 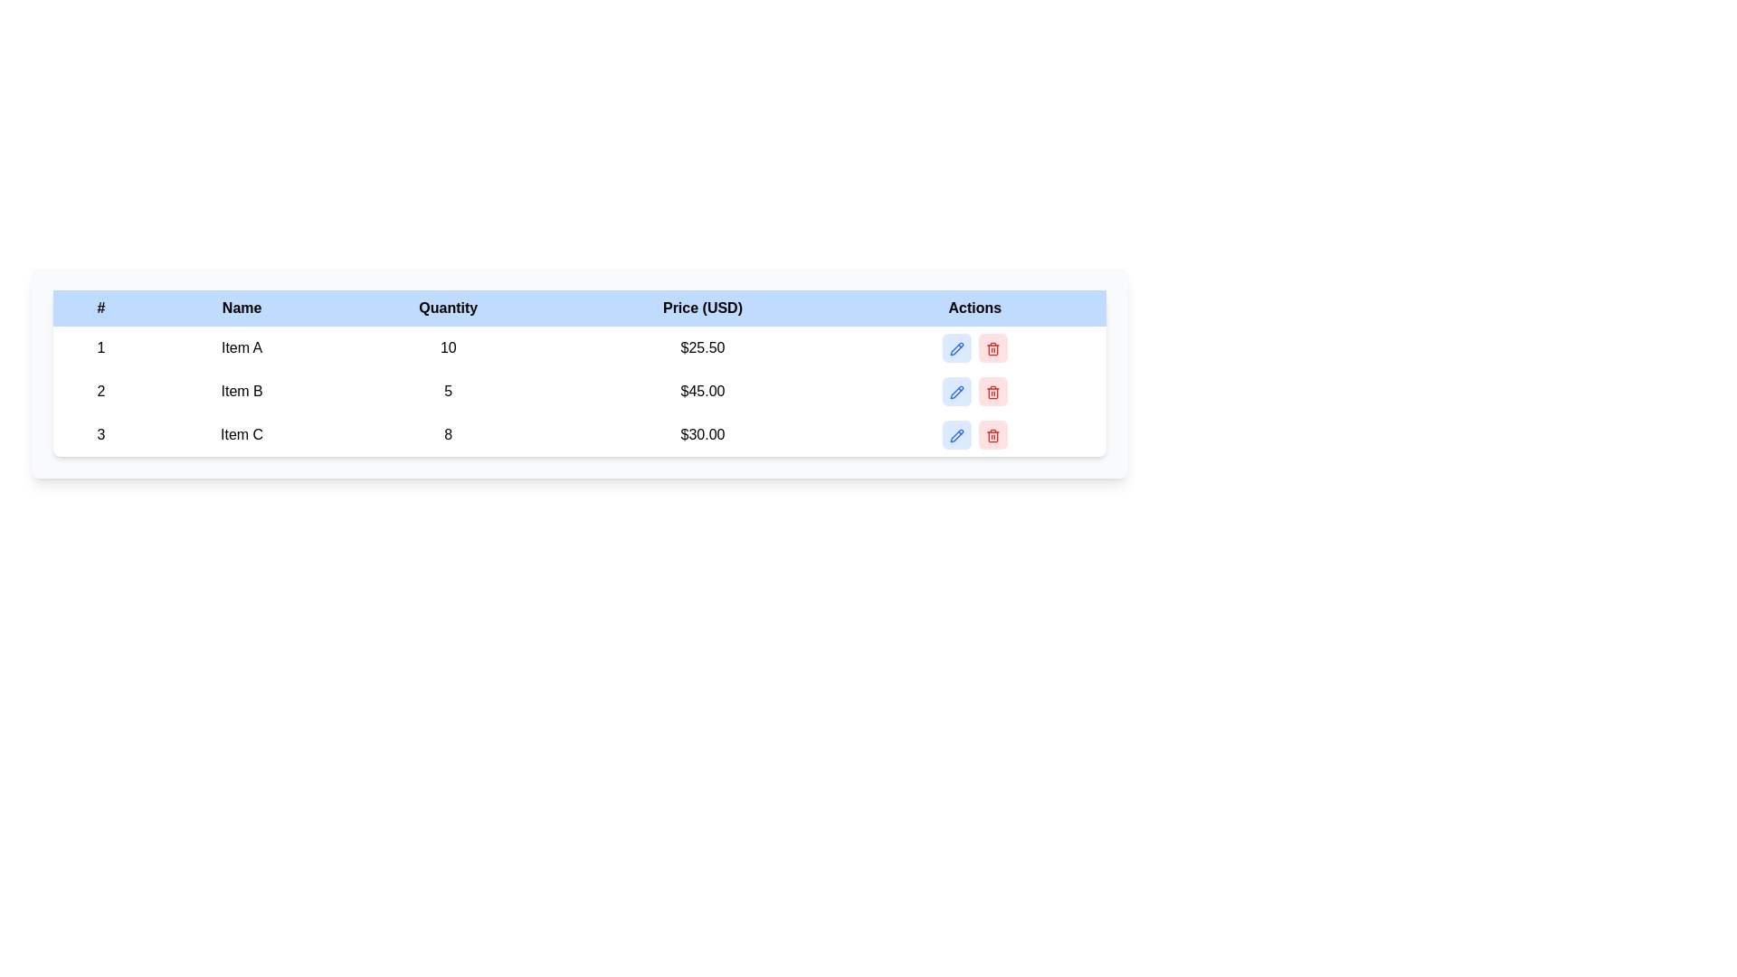 What do you see at coordinates (992, 435) in the screenshot?
I see `the red trash can icon in the Actions column of the last table row corresponding to Item C to initiate the delete action` at bounding box center [992, 435].